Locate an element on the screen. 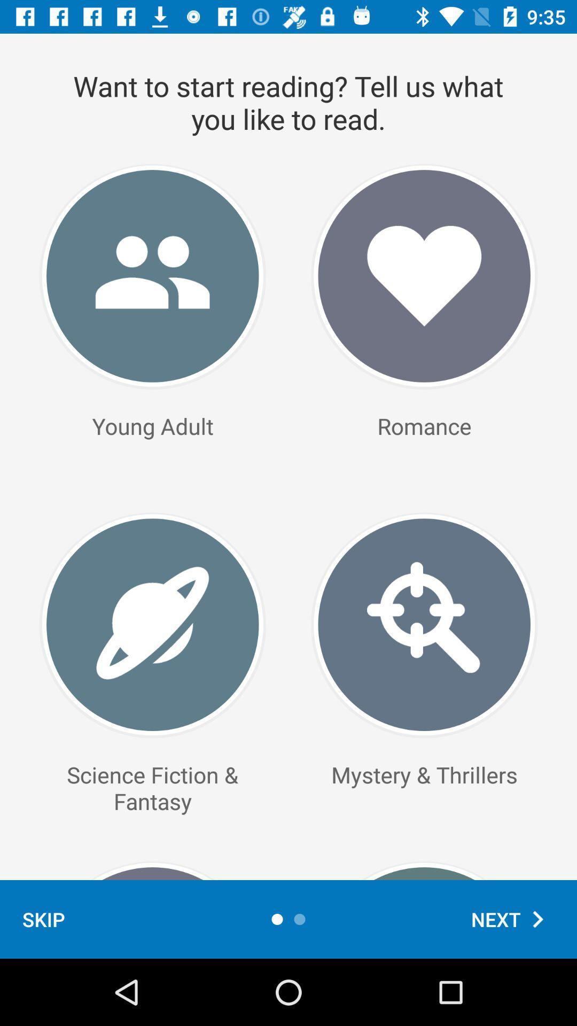 This screenshot has width=577, height=1026. the item below mystery & thrillers icon is located at coordinates (512, 919).